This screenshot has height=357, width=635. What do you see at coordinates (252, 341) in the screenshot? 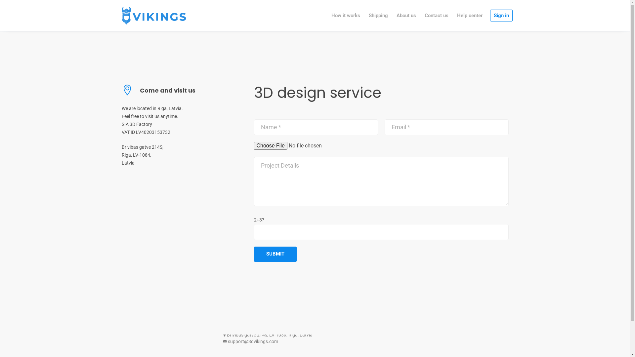
I see `'support@3dvikings.com'` at bounding box center [252, 341].